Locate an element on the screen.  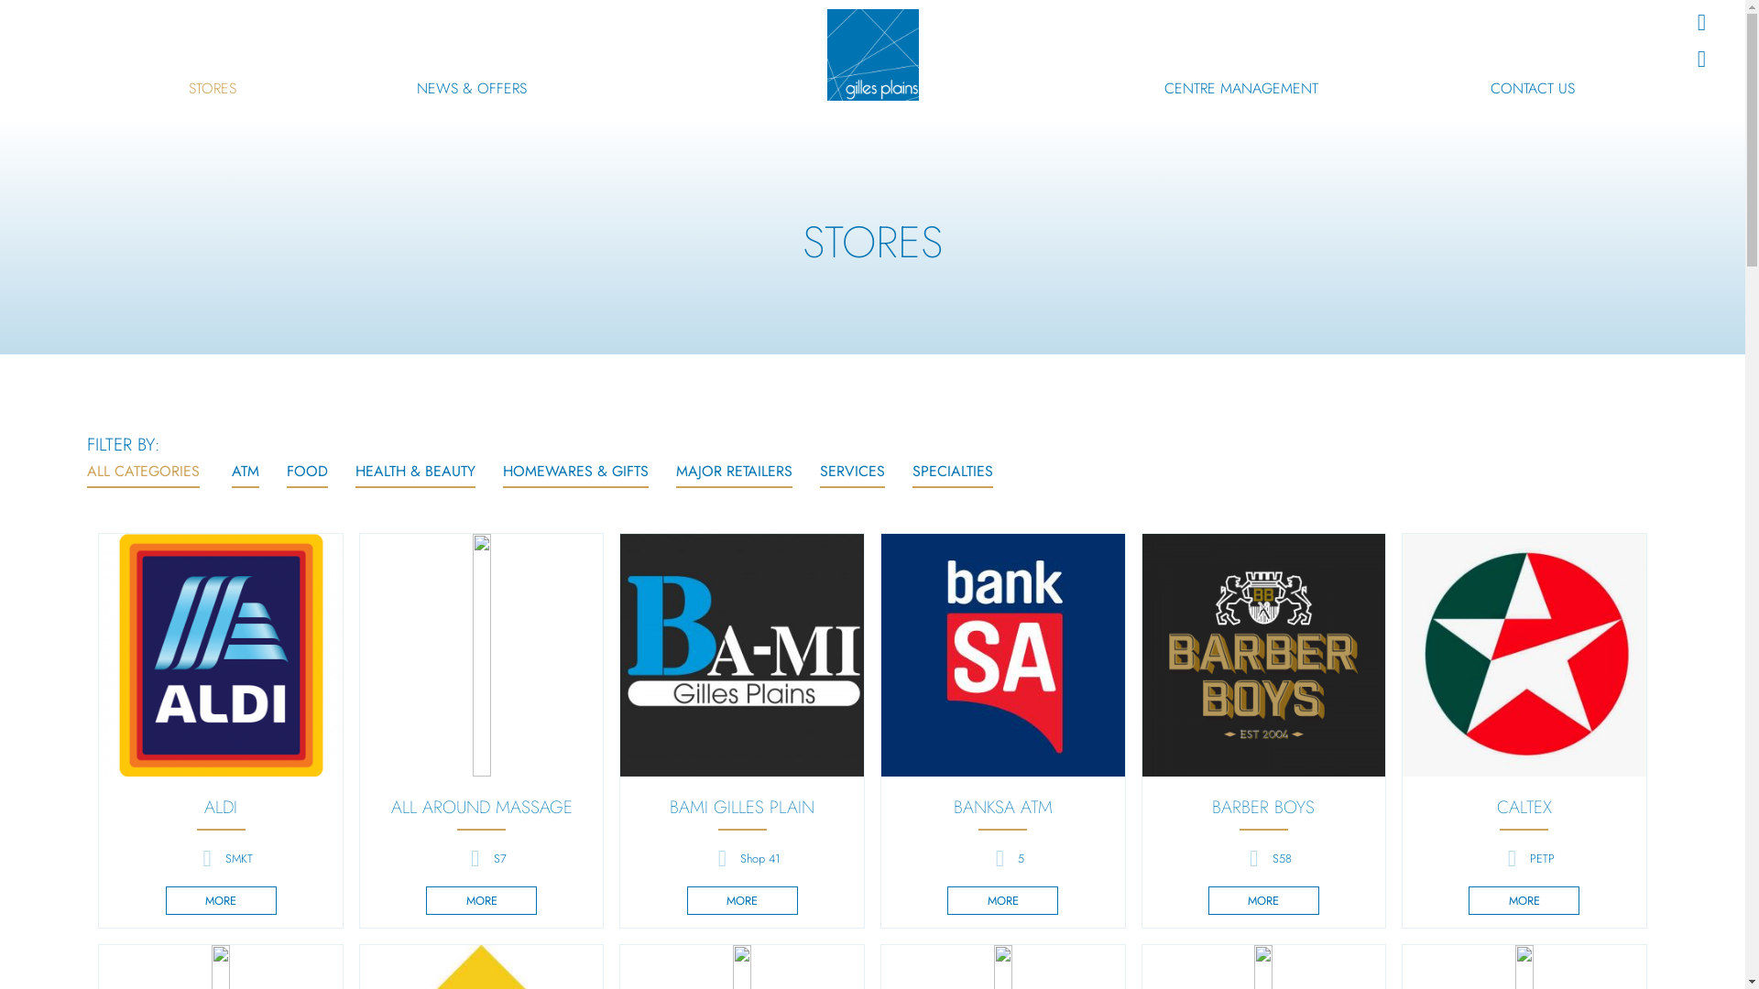
'CONTACT US' is located at coordinates (1533, 88).